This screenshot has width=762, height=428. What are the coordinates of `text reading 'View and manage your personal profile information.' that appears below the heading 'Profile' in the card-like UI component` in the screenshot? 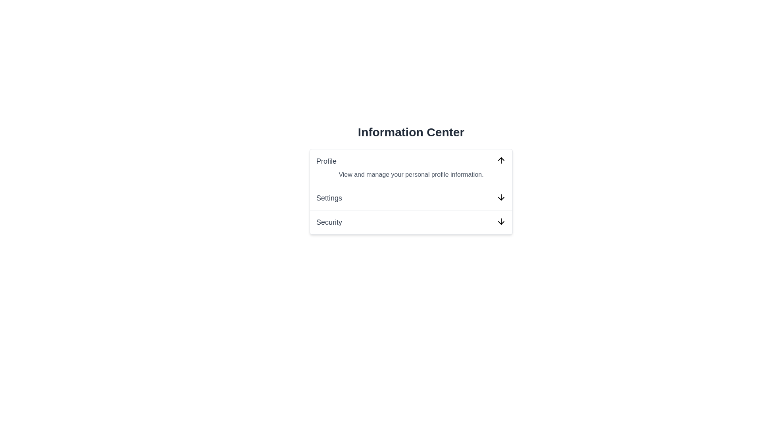 It's located at (411, 174).